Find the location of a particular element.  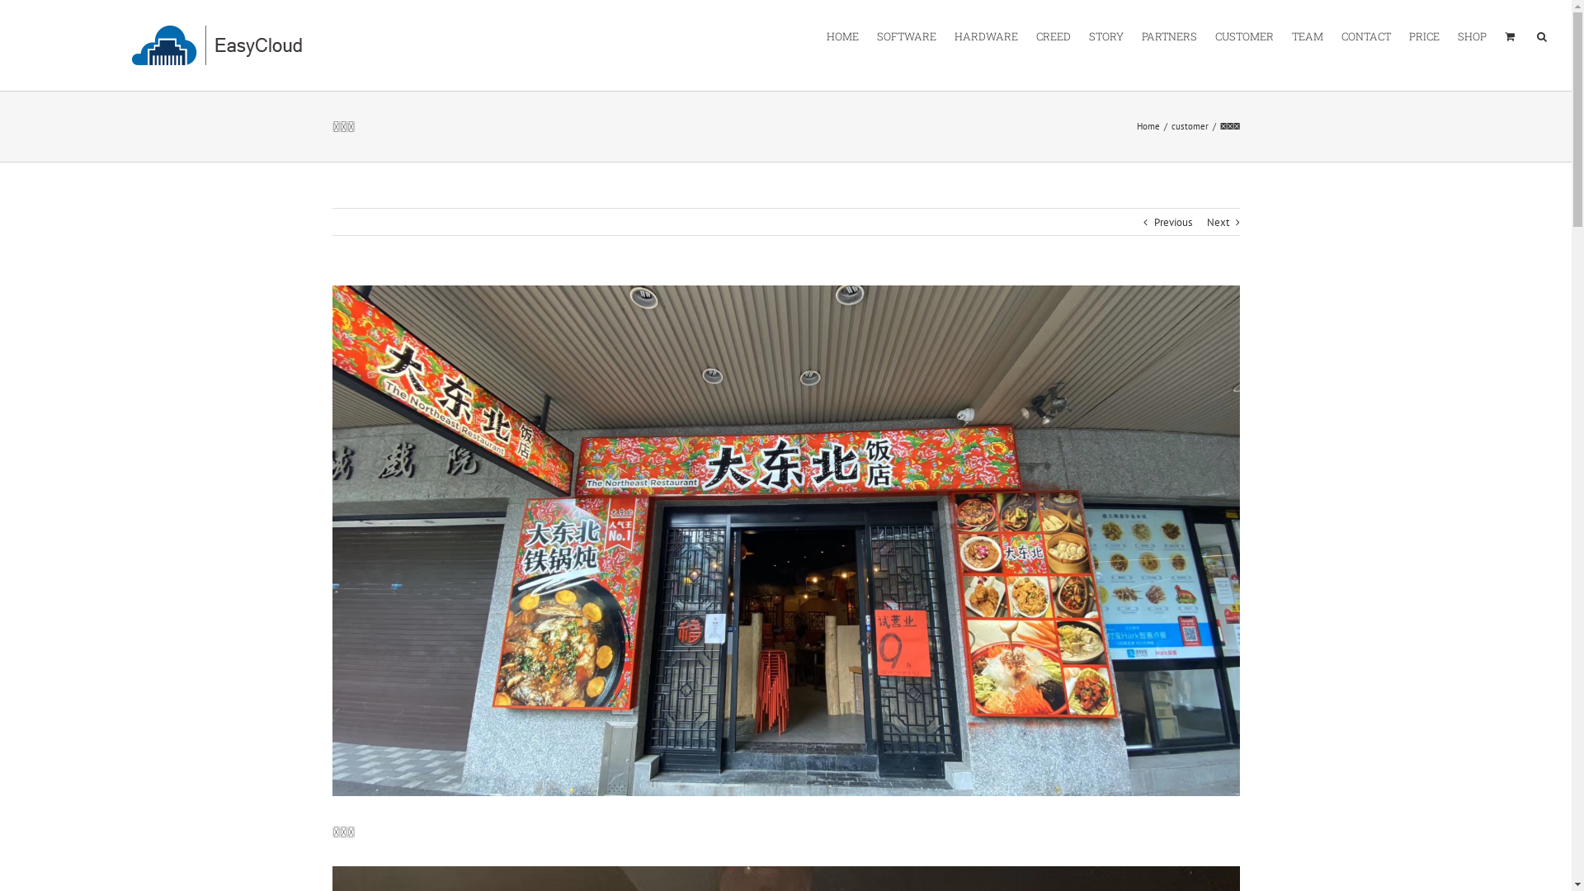

'CREED' is located at coordinates (1052, 35).